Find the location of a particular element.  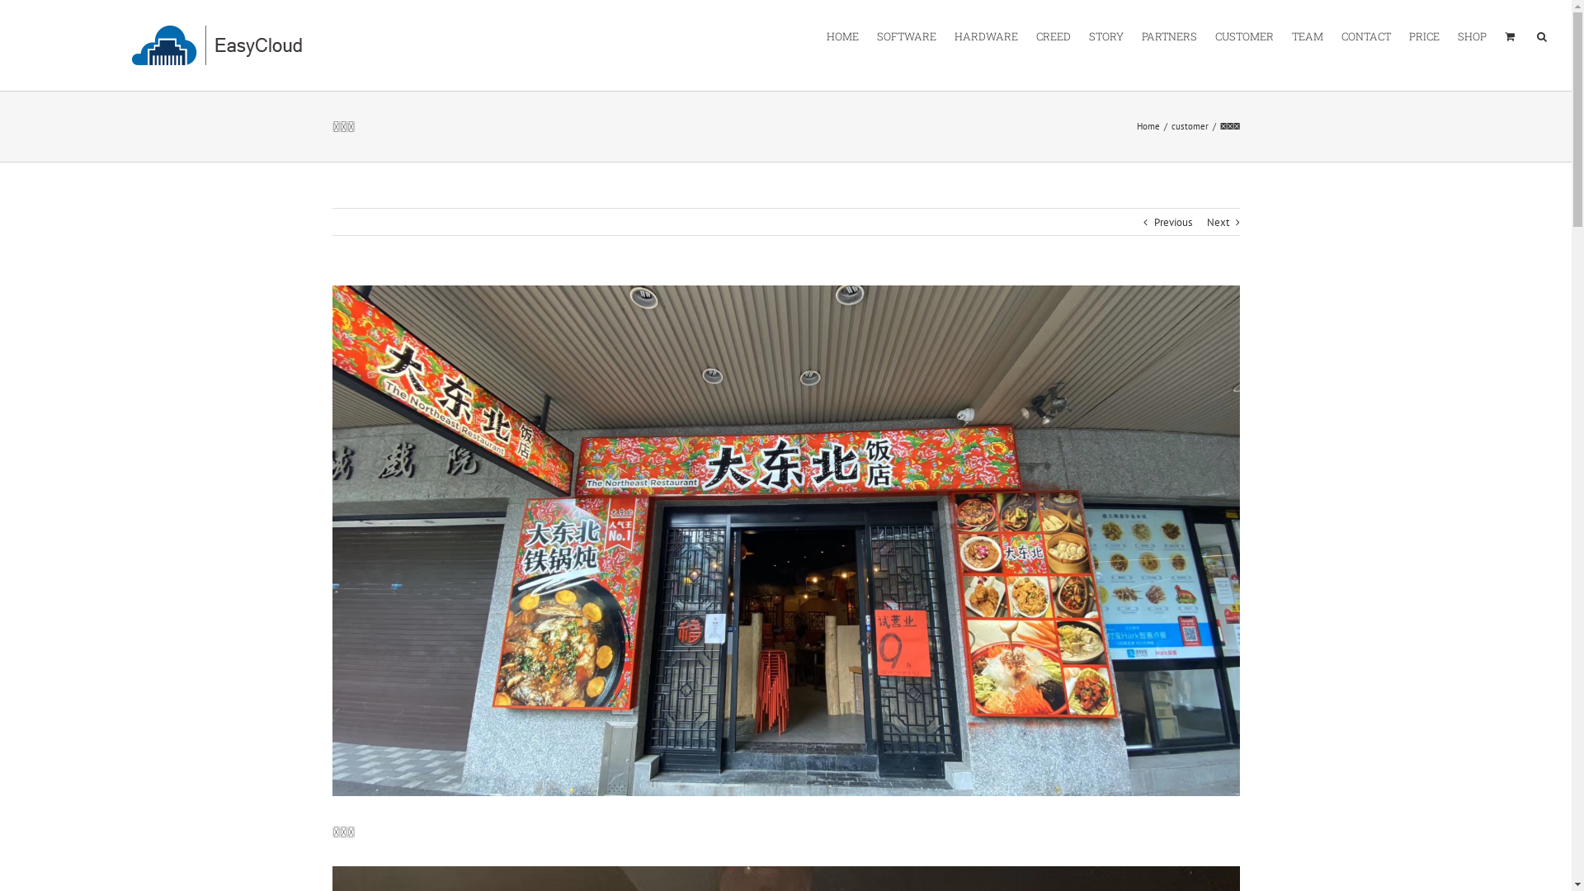

'CREED' is located at coordinates (1052, 35).